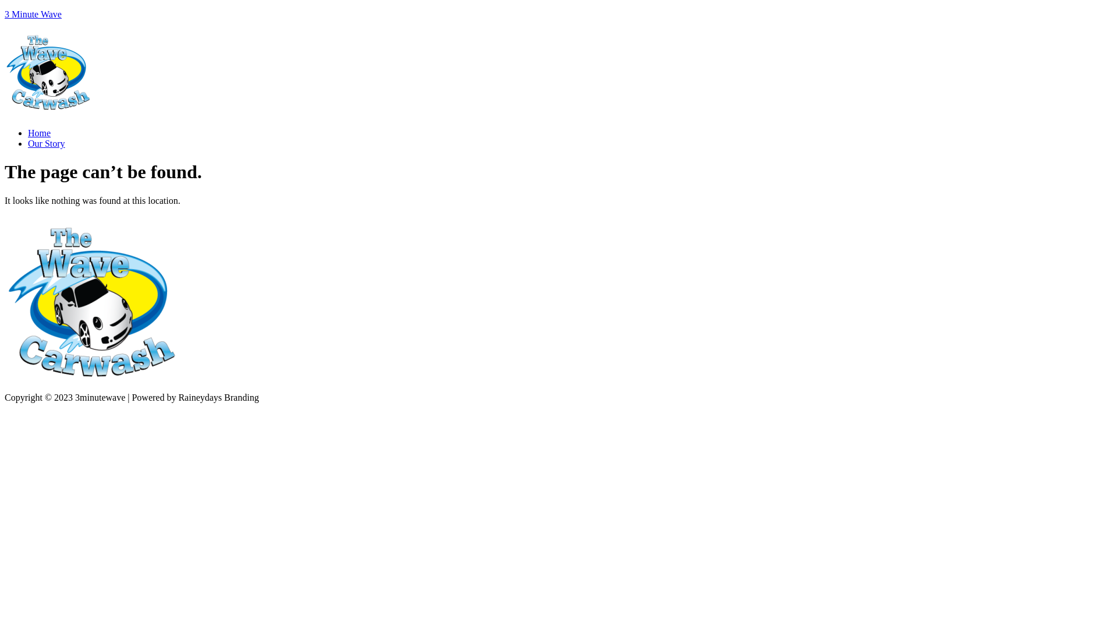 The image size is (1118, 629). What do you see at coordinates (47, 143) in the screenshot?
I see `'Our Story'` at bounding box center [47, 143].